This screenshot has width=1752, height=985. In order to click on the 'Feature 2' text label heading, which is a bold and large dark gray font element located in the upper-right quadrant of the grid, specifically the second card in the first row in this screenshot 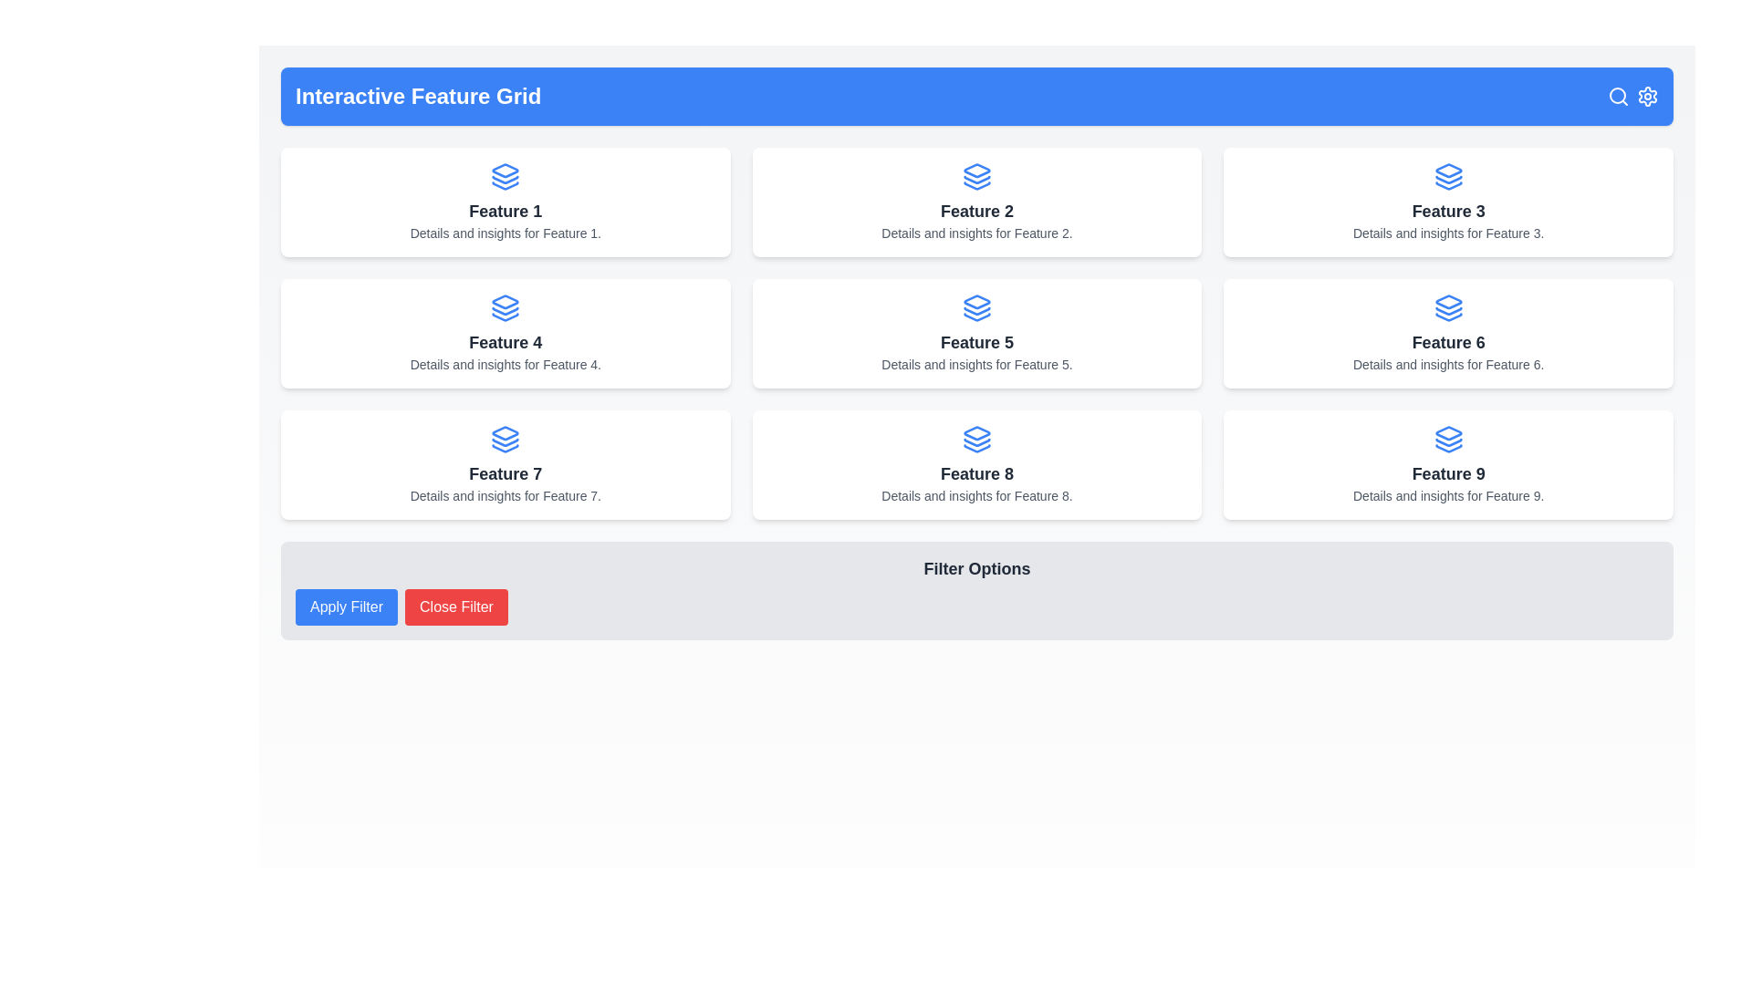, I will do `click(975, 210)`.